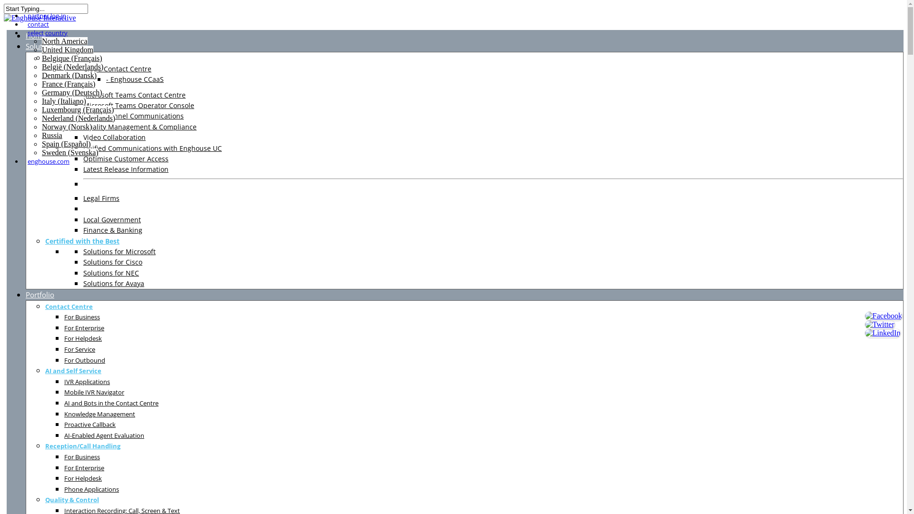 Image resolution: width=914 pixels, height=514 pixels. Describe the element at coordinates (82, 456) in the screenshot. I see `'For Business'` at that location.